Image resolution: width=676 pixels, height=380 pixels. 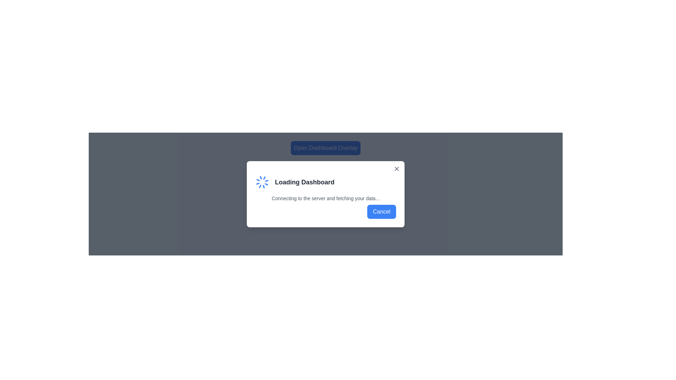 I want to click on the close button located at the top-right of the popup window for interaction feedback, so click(x=397, y=169).